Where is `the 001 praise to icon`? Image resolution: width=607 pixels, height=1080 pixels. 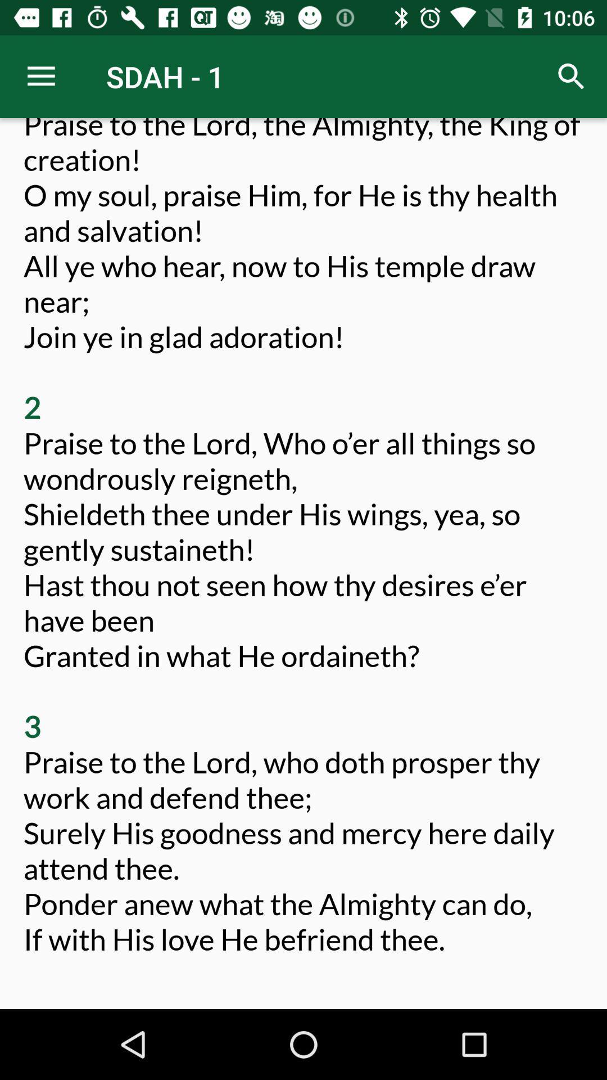 the 001 praise to icon is located at coordinates (303, 555).